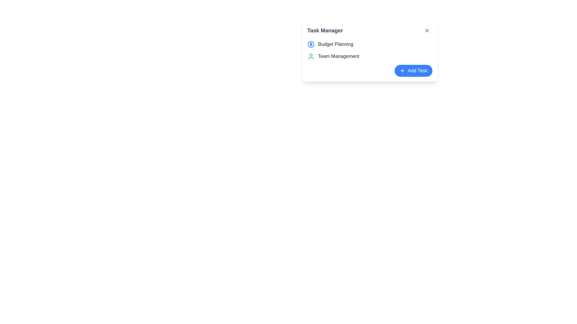  What do you see at coordinates (335, 44) in the screenshot?
I see `the Text Label displaying 'Budget Planning' which is styled with a medium font weight and gray color, located to the right of a dollar sign icon` at bounding box center [335, 44].